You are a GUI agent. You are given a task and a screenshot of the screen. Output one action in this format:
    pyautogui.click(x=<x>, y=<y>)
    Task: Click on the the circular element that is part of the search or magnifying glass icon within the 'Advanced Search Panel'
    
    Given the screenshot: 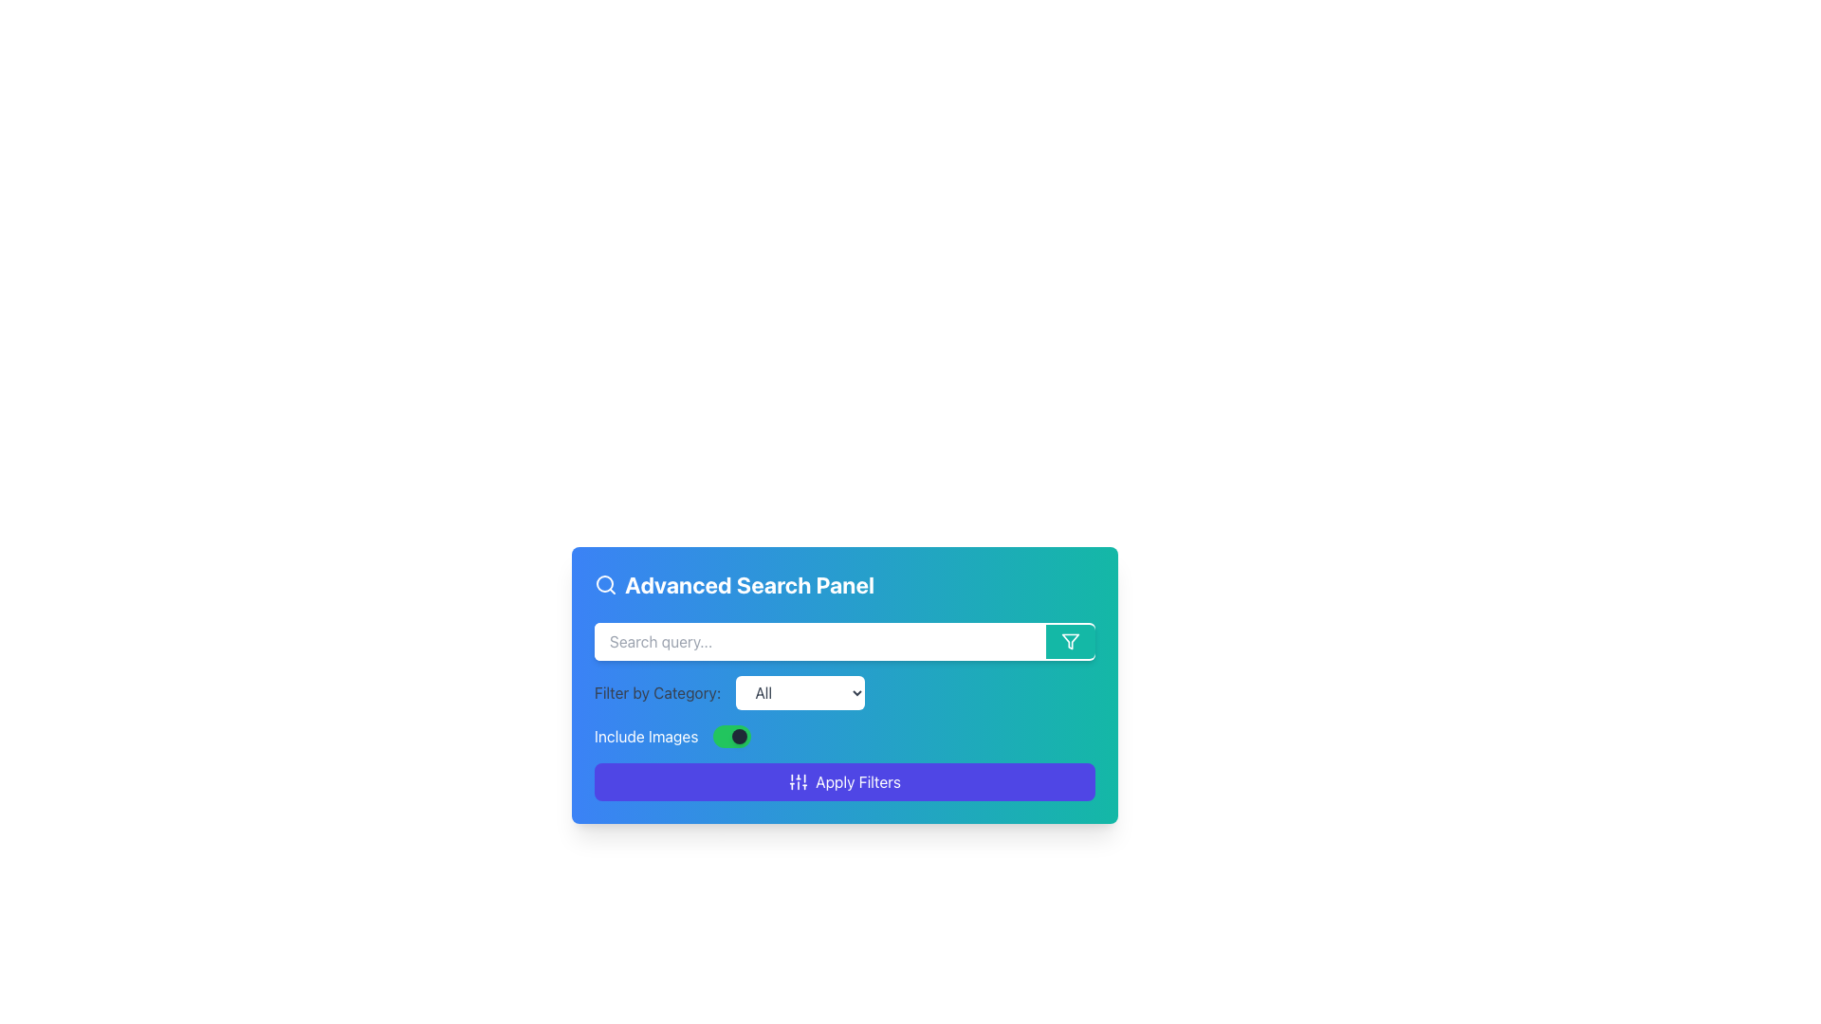 What is the action you would take?
    pyautogui.click(x=604, y=583)
    